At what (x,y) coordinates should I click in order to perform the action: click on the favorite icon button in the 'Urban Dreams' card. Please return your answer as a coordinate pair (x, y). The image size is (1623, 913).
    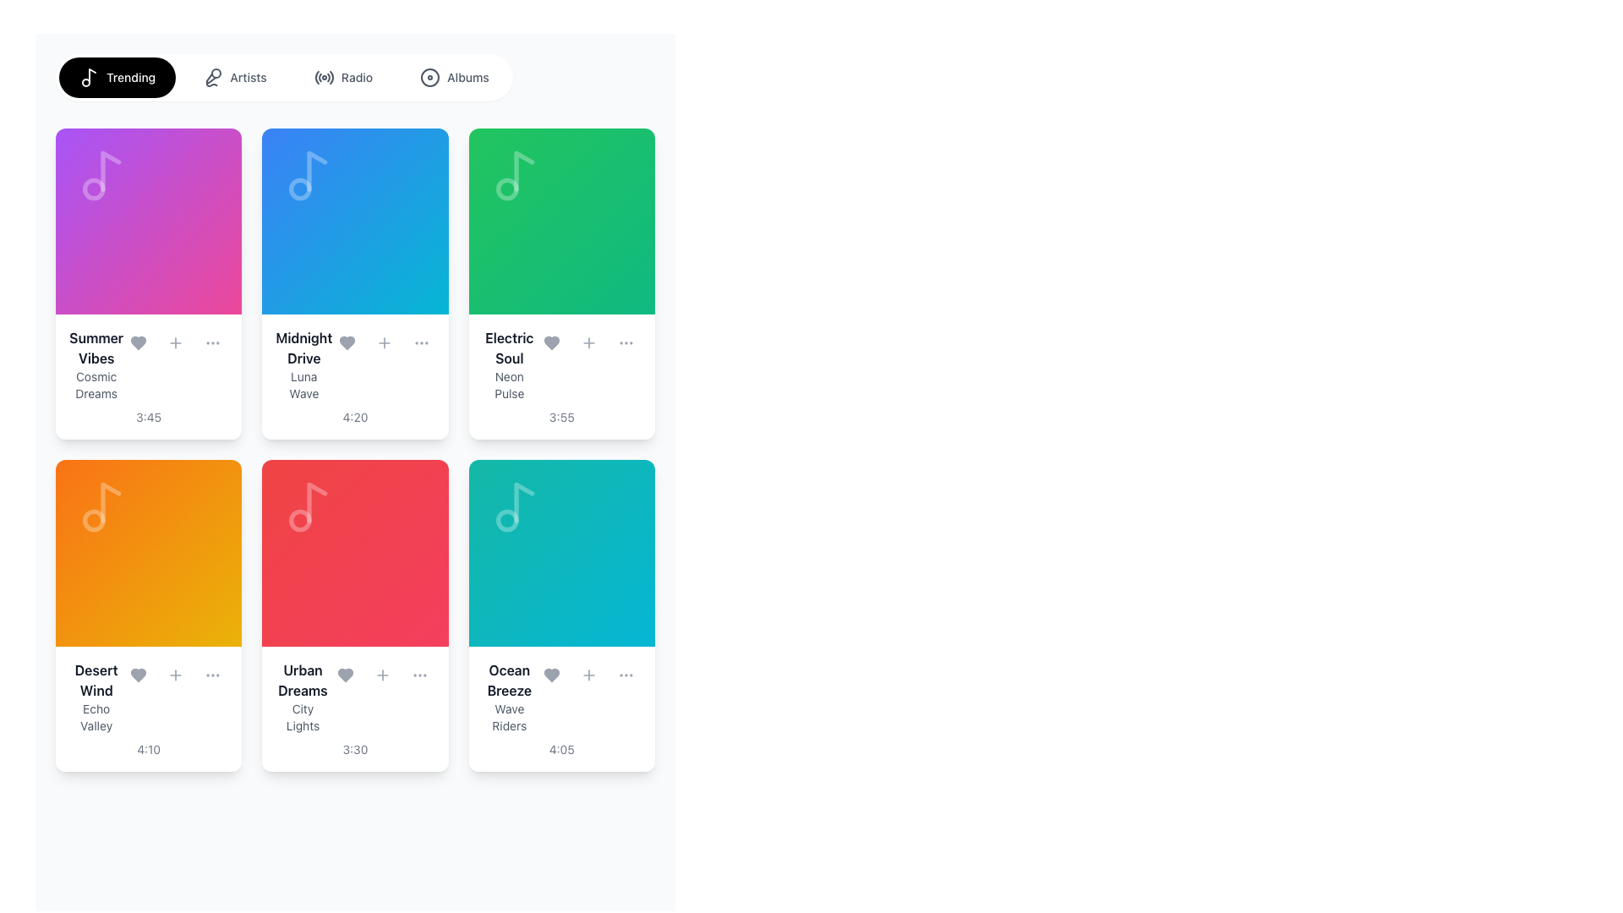
    Looking at the image, I should click on (344, 674).